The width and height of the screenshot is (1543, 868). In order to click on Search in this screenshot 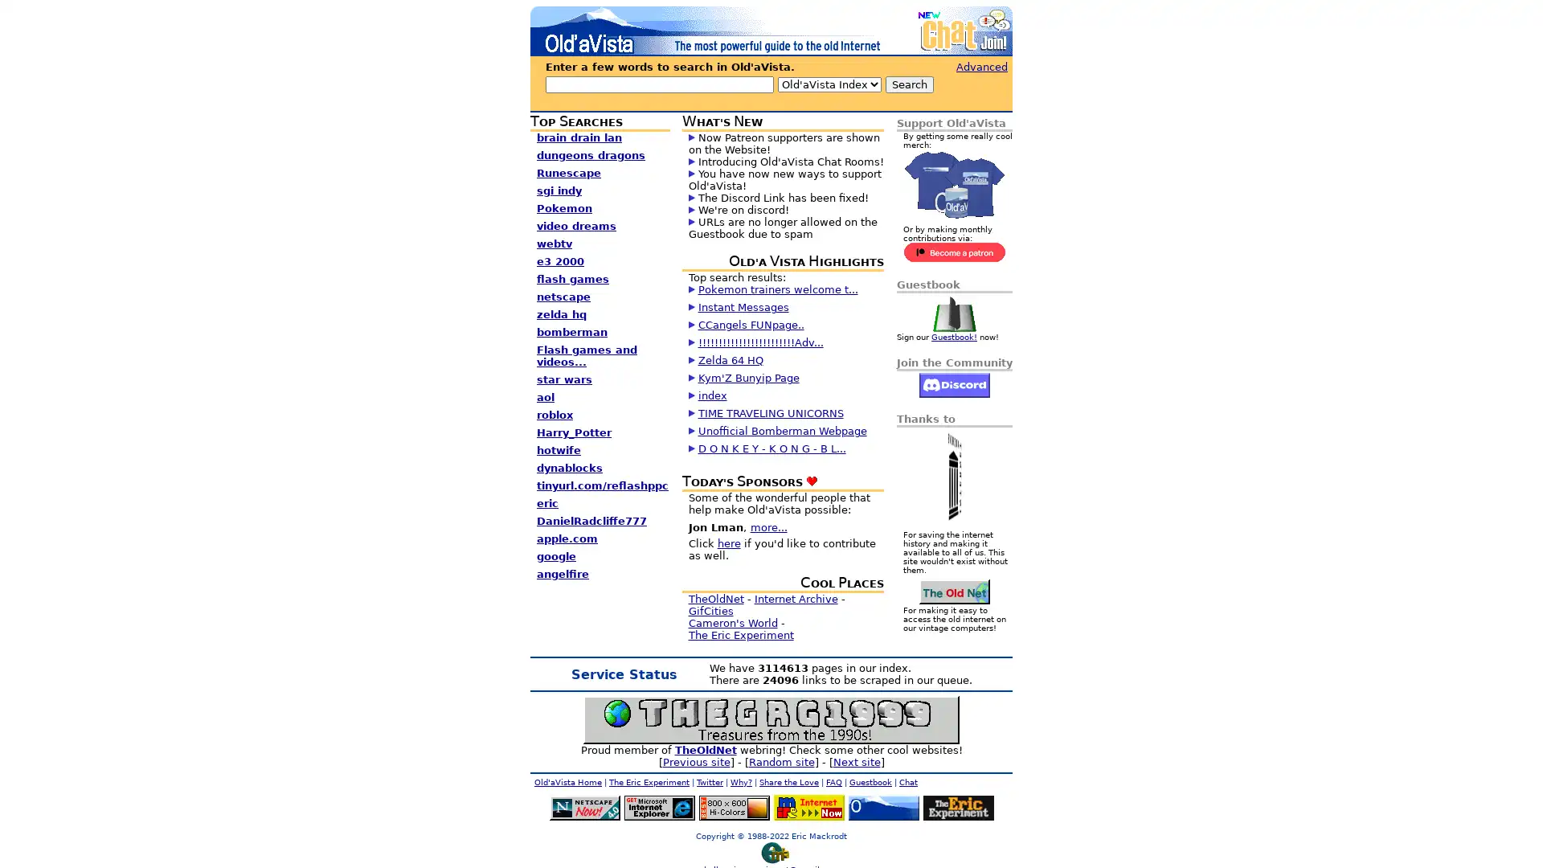, I will do `click(910, 84)`.